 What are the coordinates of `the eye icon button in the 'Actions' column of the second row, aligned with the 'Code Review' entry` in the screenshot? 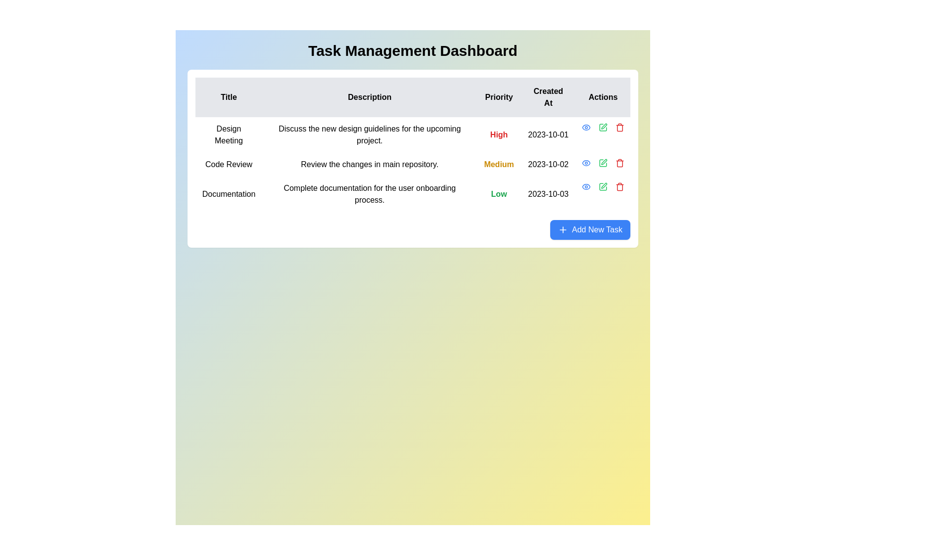 It's located at (586, 127).